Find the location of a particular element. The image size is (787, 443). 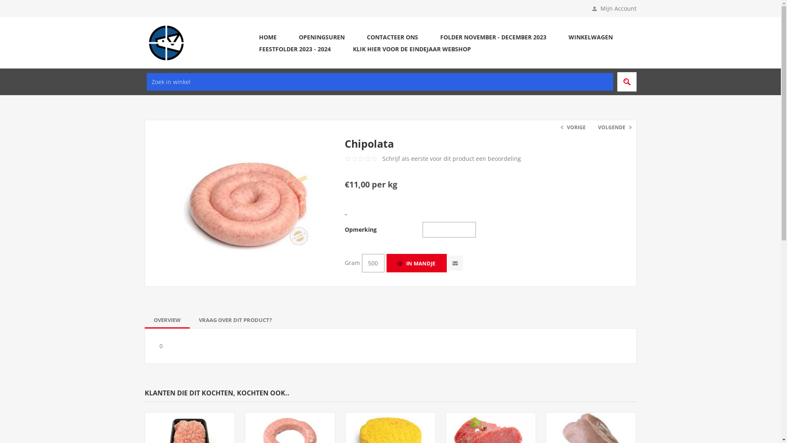

'Schrijf als eerste voor dit product een beoordeling' is located at coordinates (451, 158).